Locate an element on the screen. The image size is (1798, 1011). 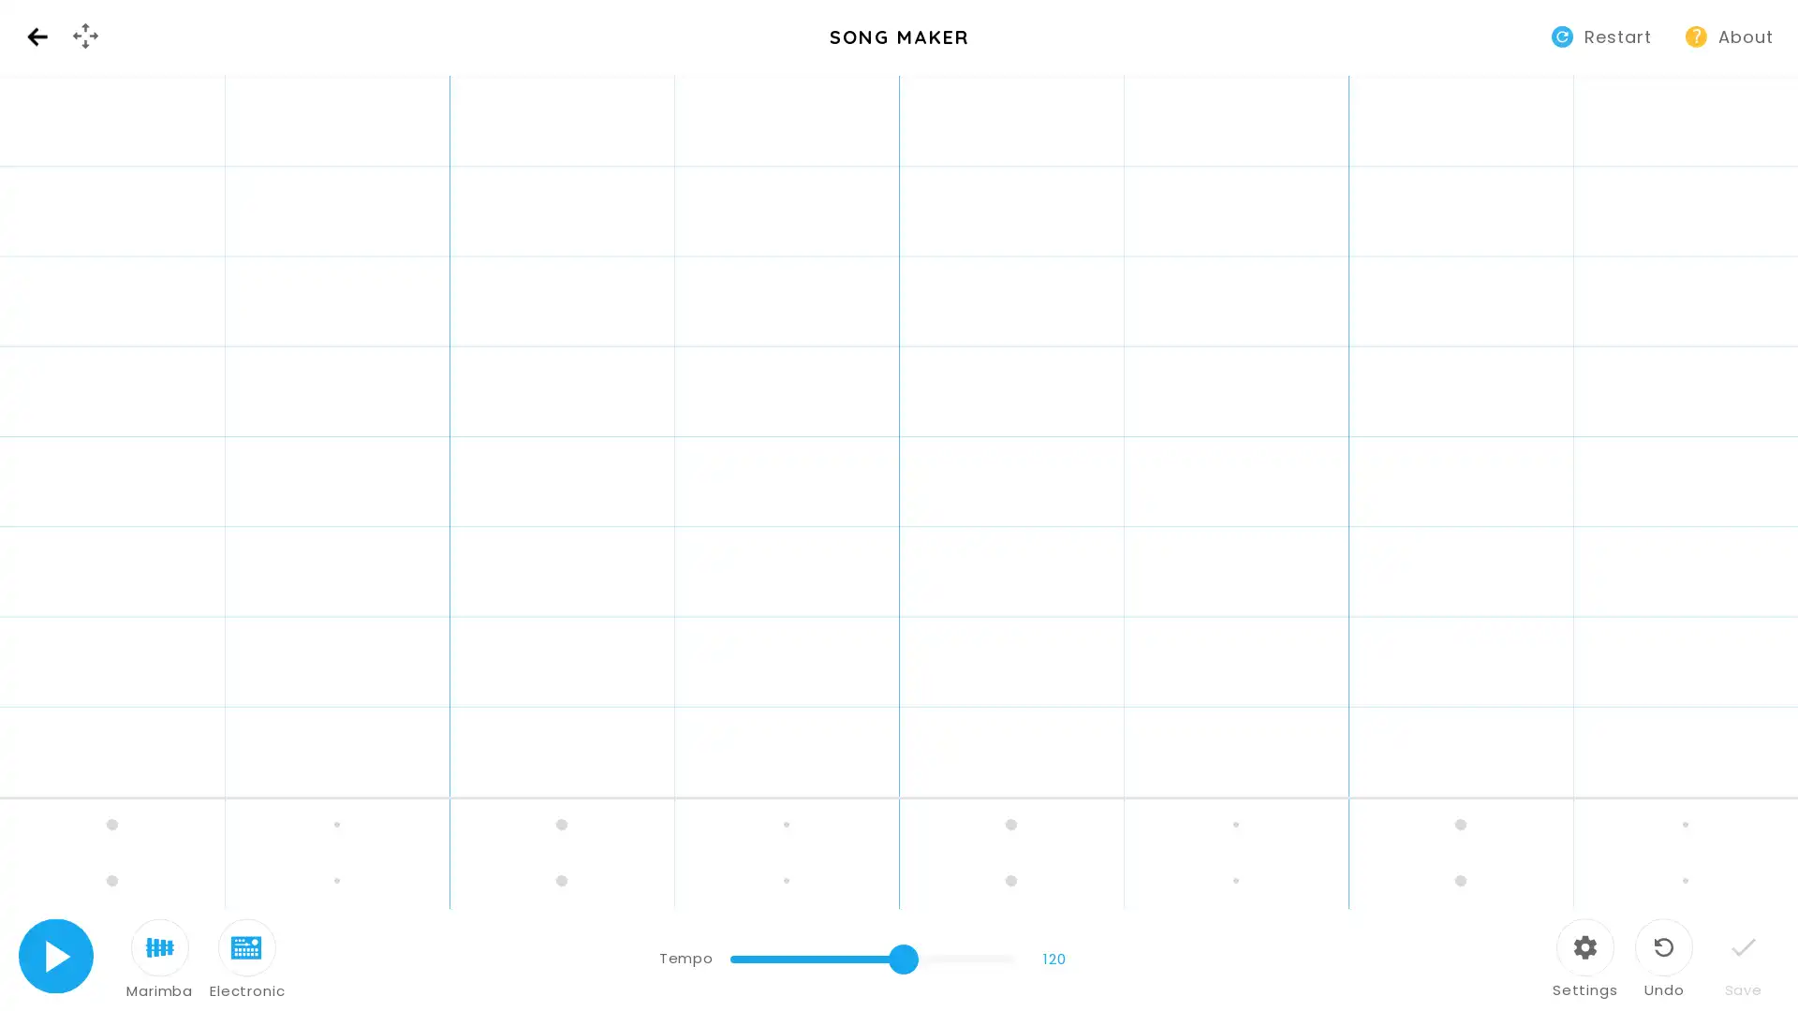
Undo is located at coordinates (1663, 960).